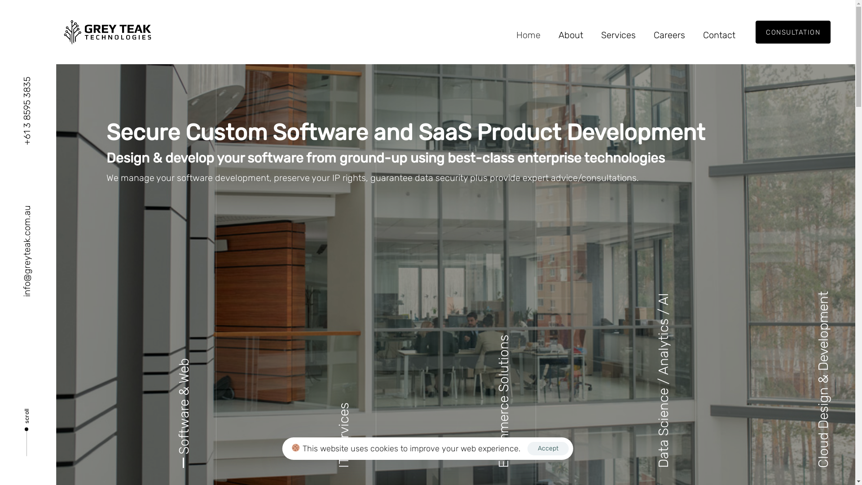  What do you see at coordinates (183, 419) in the screenshot?
I see `'Software & Web'` at bounding box center [183, 419].